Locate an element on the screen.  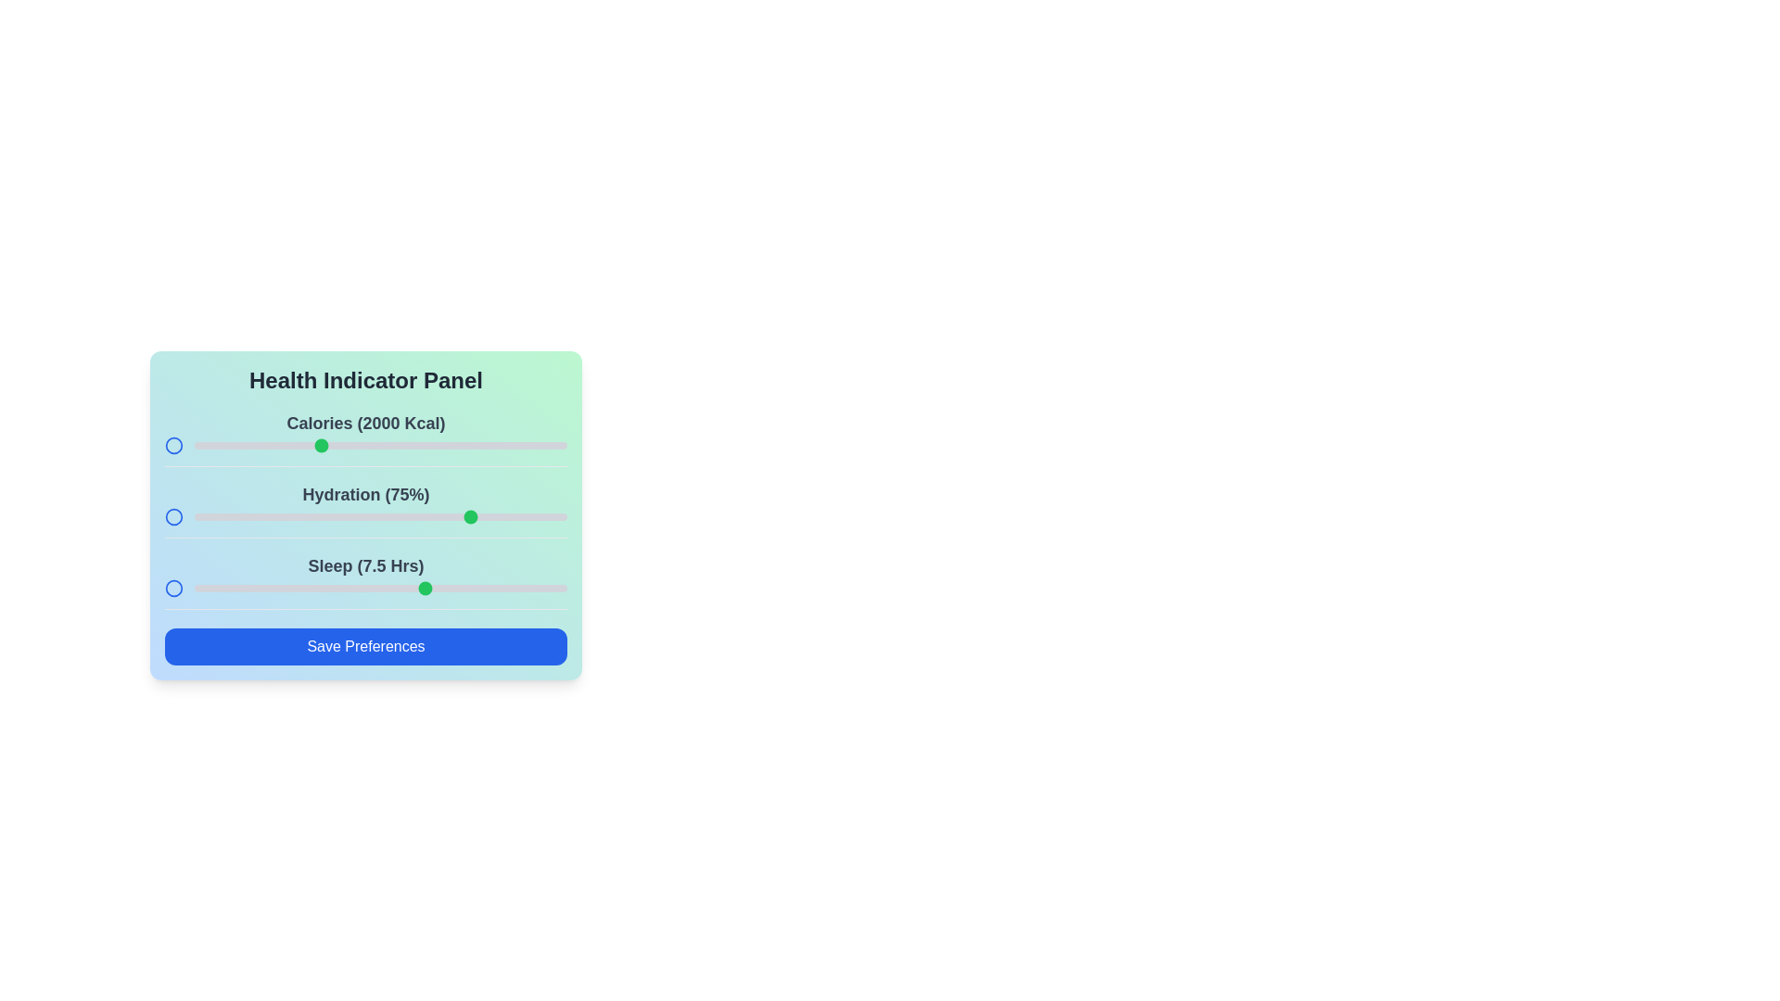
the hydration slider to 84% is located at coordinates (507, 517).